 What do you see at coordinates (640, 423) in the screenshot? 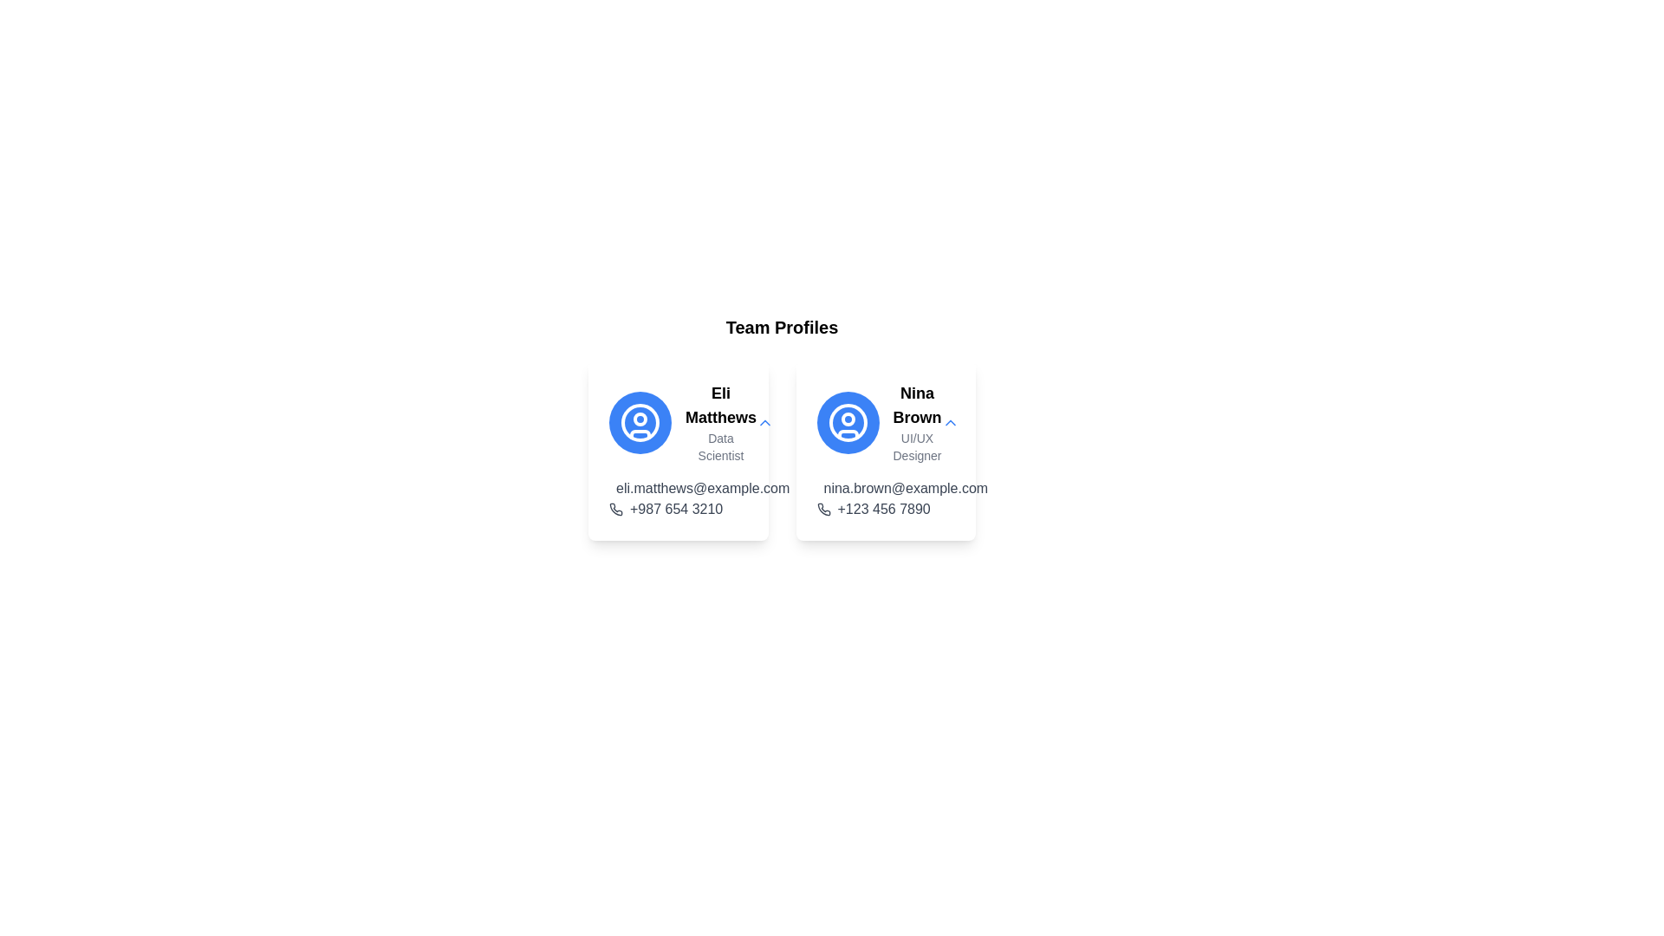
I see `the decorative circular SVG element representing the user's profile for Eli Matthews, located in the profile card above the contact details` at bounding box center [640, 423].